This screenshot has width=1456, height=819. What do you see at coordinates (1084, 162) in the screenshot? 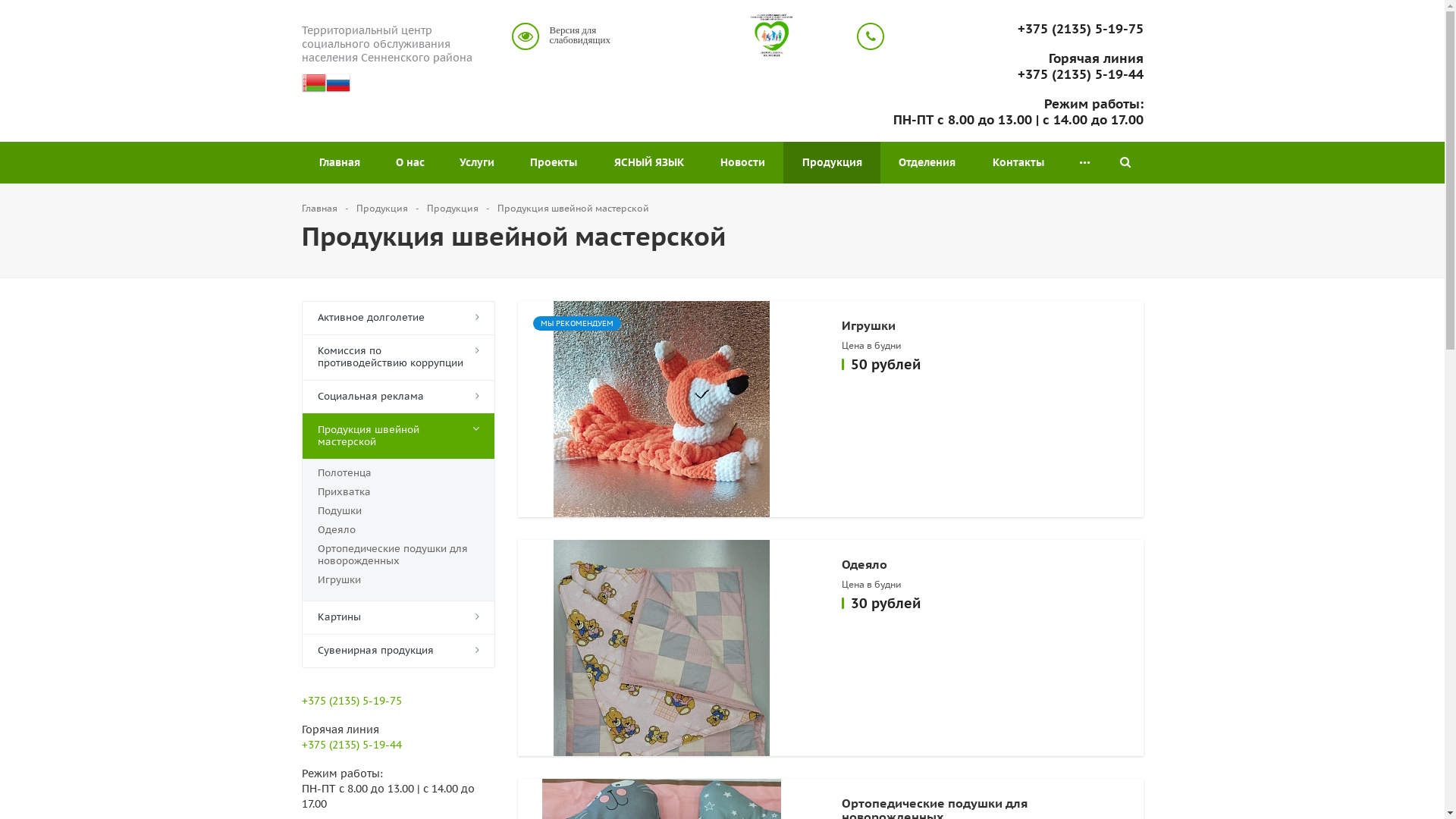
I see `'...'` at bounding box center [1084, 162].